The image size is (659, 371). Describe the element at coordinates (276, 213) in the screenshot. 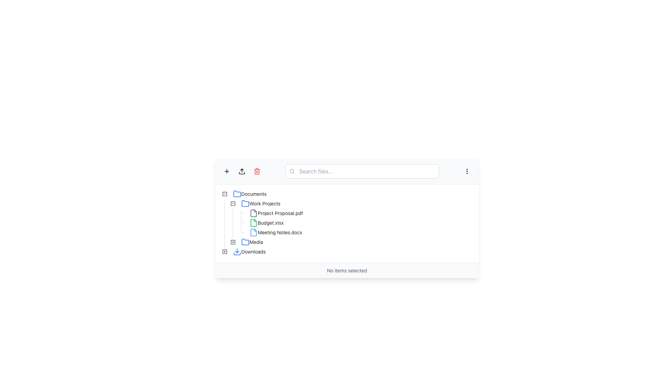

I see `the file entry 'Project Proposal.pdf' located within the 'Work Projects' folder` at that location.